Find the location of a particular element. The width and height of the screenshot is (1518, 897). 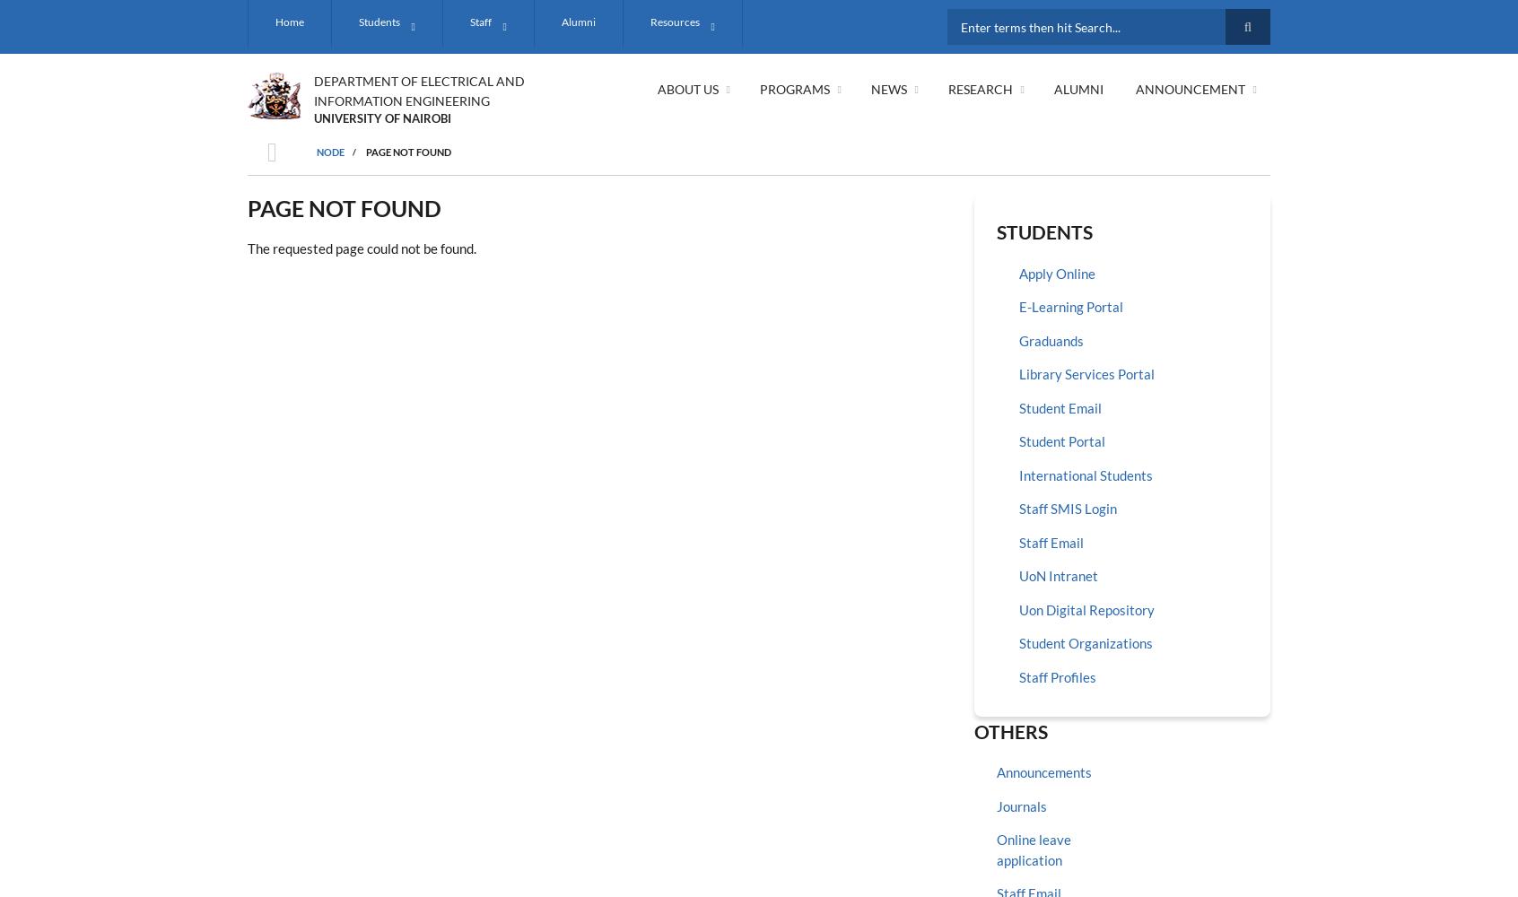

'Staff' is located at coordinates (481, 22).